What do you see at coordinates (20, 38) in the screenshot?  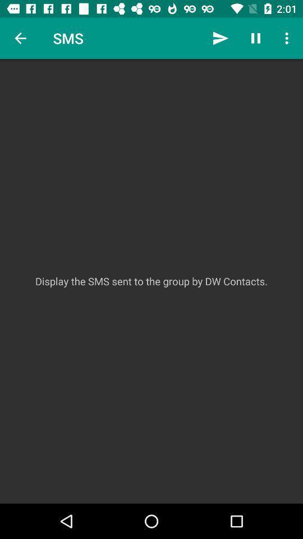 I see `the icon above display the sms` at bounding box center [20, 38].